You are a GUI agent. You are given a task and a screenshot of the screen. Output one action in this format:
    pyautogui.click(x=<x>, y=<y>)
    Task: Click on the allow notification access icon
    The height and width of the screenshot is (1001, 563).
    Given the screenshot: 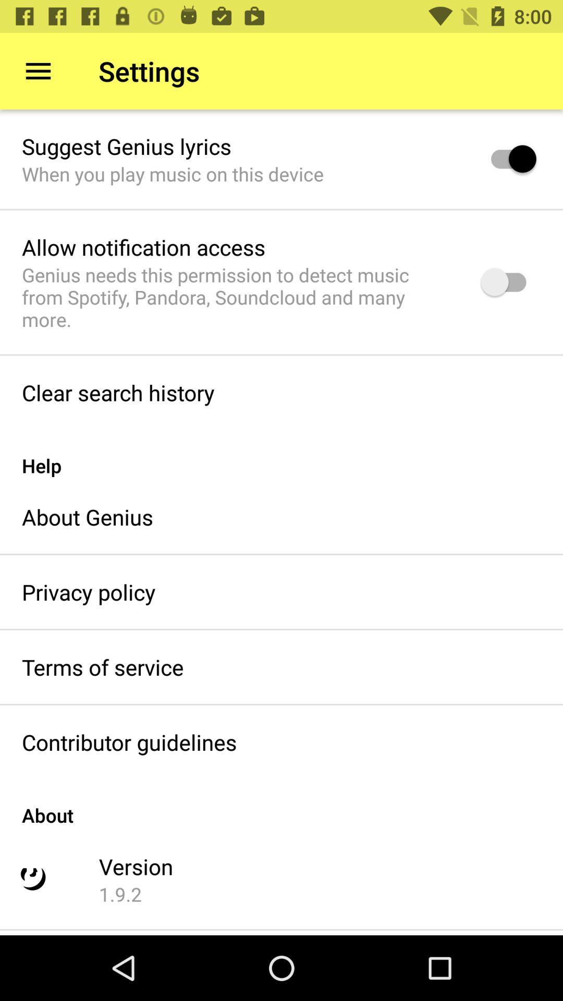 What is the action you would take?
    pyautogui.click(x=143, y=247)
    